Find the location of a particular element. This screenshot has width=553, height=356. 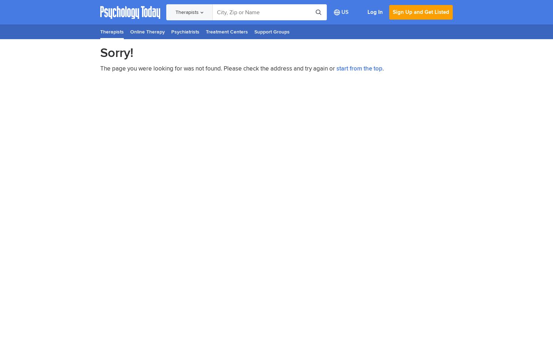

'Online Therapy' is located at coordinates (147, 31).